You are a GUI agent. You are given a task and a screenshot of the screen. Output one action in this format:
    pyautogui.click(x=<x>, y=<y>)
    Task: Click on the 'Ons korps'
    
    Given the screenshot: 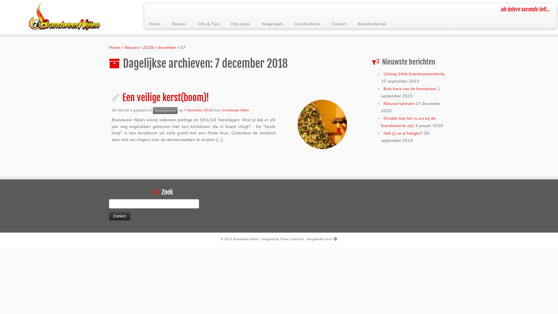 What is the action you would take?
    pyautogui.click(x=224, y=23)
    